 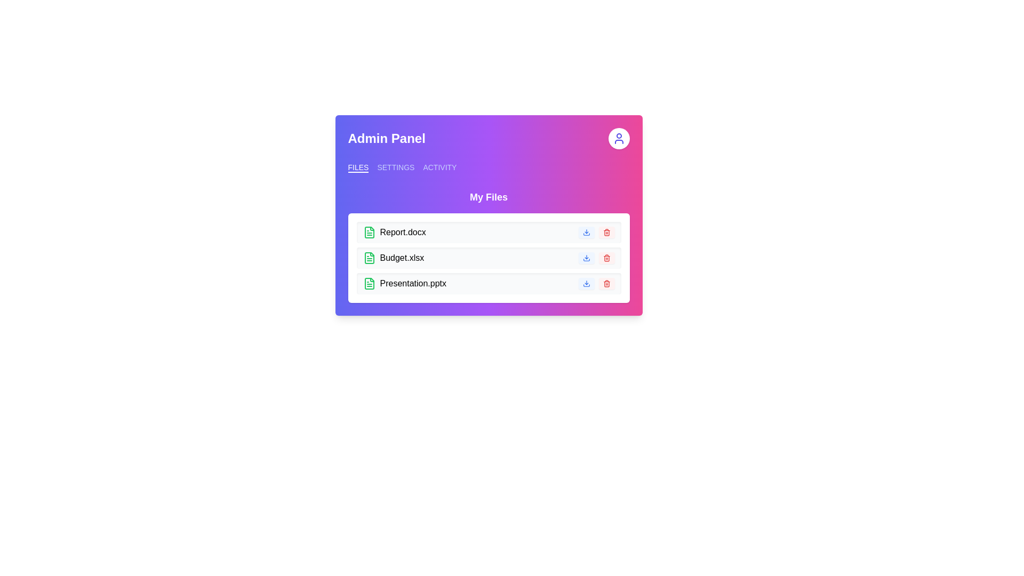 I want to click on the Text Label with an accompanying Icon that displays the name and icon of the 'Presentation.pptx' file, located in the third position under 'My Files' in the Admin Panel, so click(x=404, y=283).